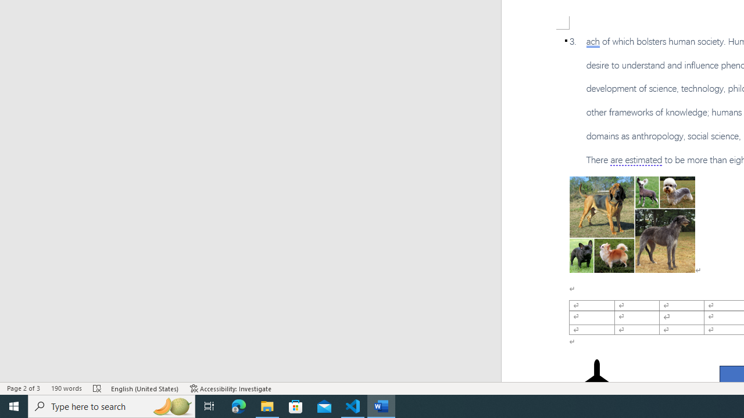  What do you see at coordinates (231, 388) in the screenshot?
I see `'Accessibility Checker Accessibility: Investigate'` at bounding box center [231, 388].